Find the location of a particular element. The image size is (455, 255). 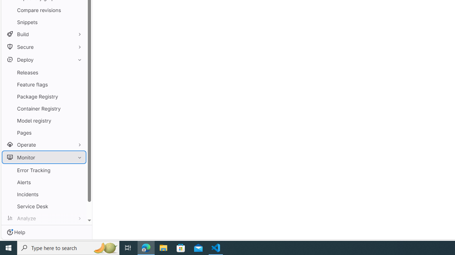

'Secure' is located at coordinates (44, 47).